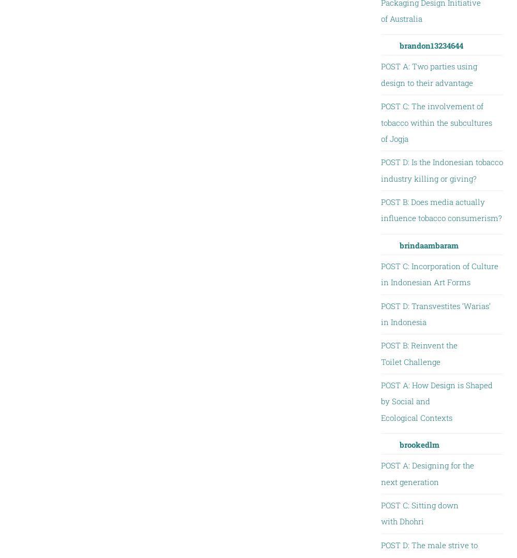 The height and width of the screenshot is (558, 517). What do you see at coordinates (380, 209) in the screenshot?
I see `'POST B: Does media actually influence tobacco consumerism?'` at bounding box center [380, 209].